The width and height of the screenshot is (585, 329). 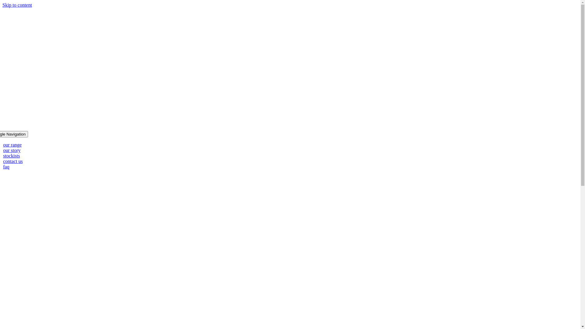 I want to click on 'contact us', so click(x=13, y=161).